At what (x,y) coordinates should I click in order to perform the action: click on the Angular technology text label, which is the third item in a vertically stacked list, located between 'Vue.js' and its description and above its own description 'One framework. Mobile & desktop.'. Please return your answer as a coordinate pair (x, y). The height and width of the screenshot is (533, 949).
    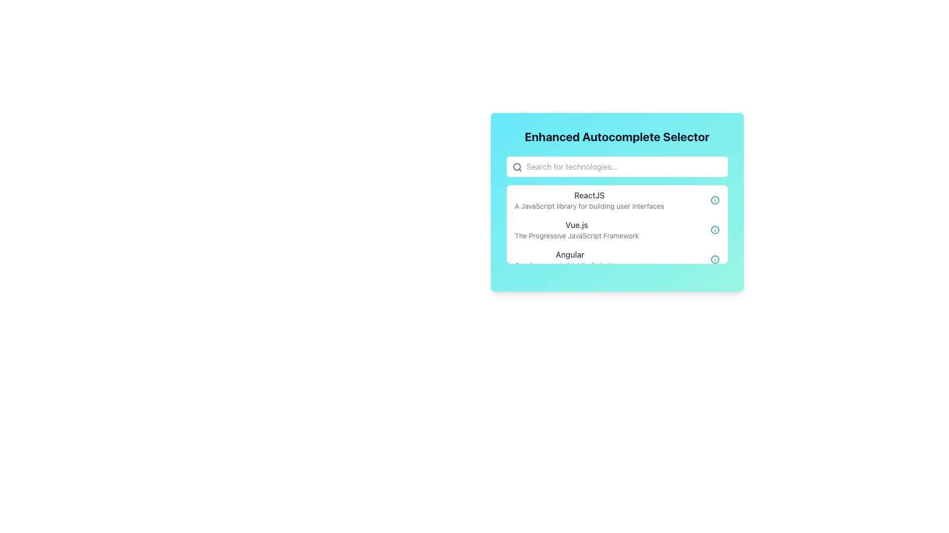
    Looking at the image, I should click on (570, 254).